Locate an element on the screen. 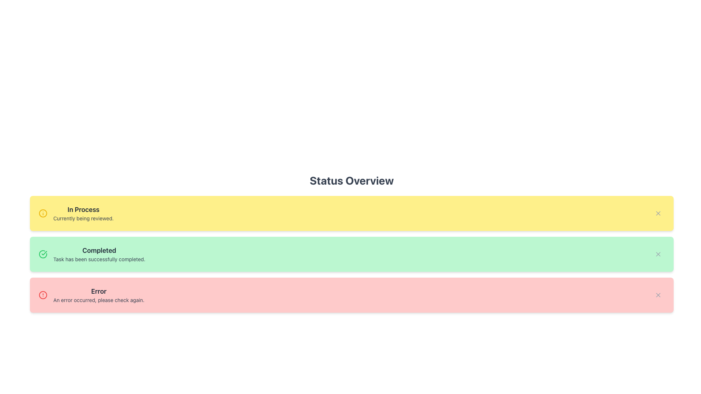 The width and height of the screenshot is (701, 394). error message displayed in the informational text block located in the third section of the interface, which has a pale red background and is positioned beneath the yellow and green cards is located at coordinates (98, 295).